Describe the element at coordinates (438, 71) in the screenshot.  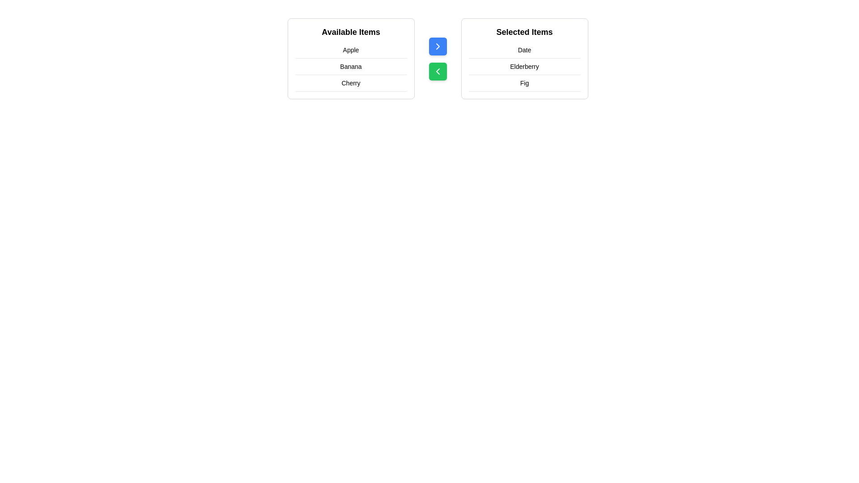
I see `the navigation icon within the green button that facilitates movement of items from the right panel to the left panel` at that location.